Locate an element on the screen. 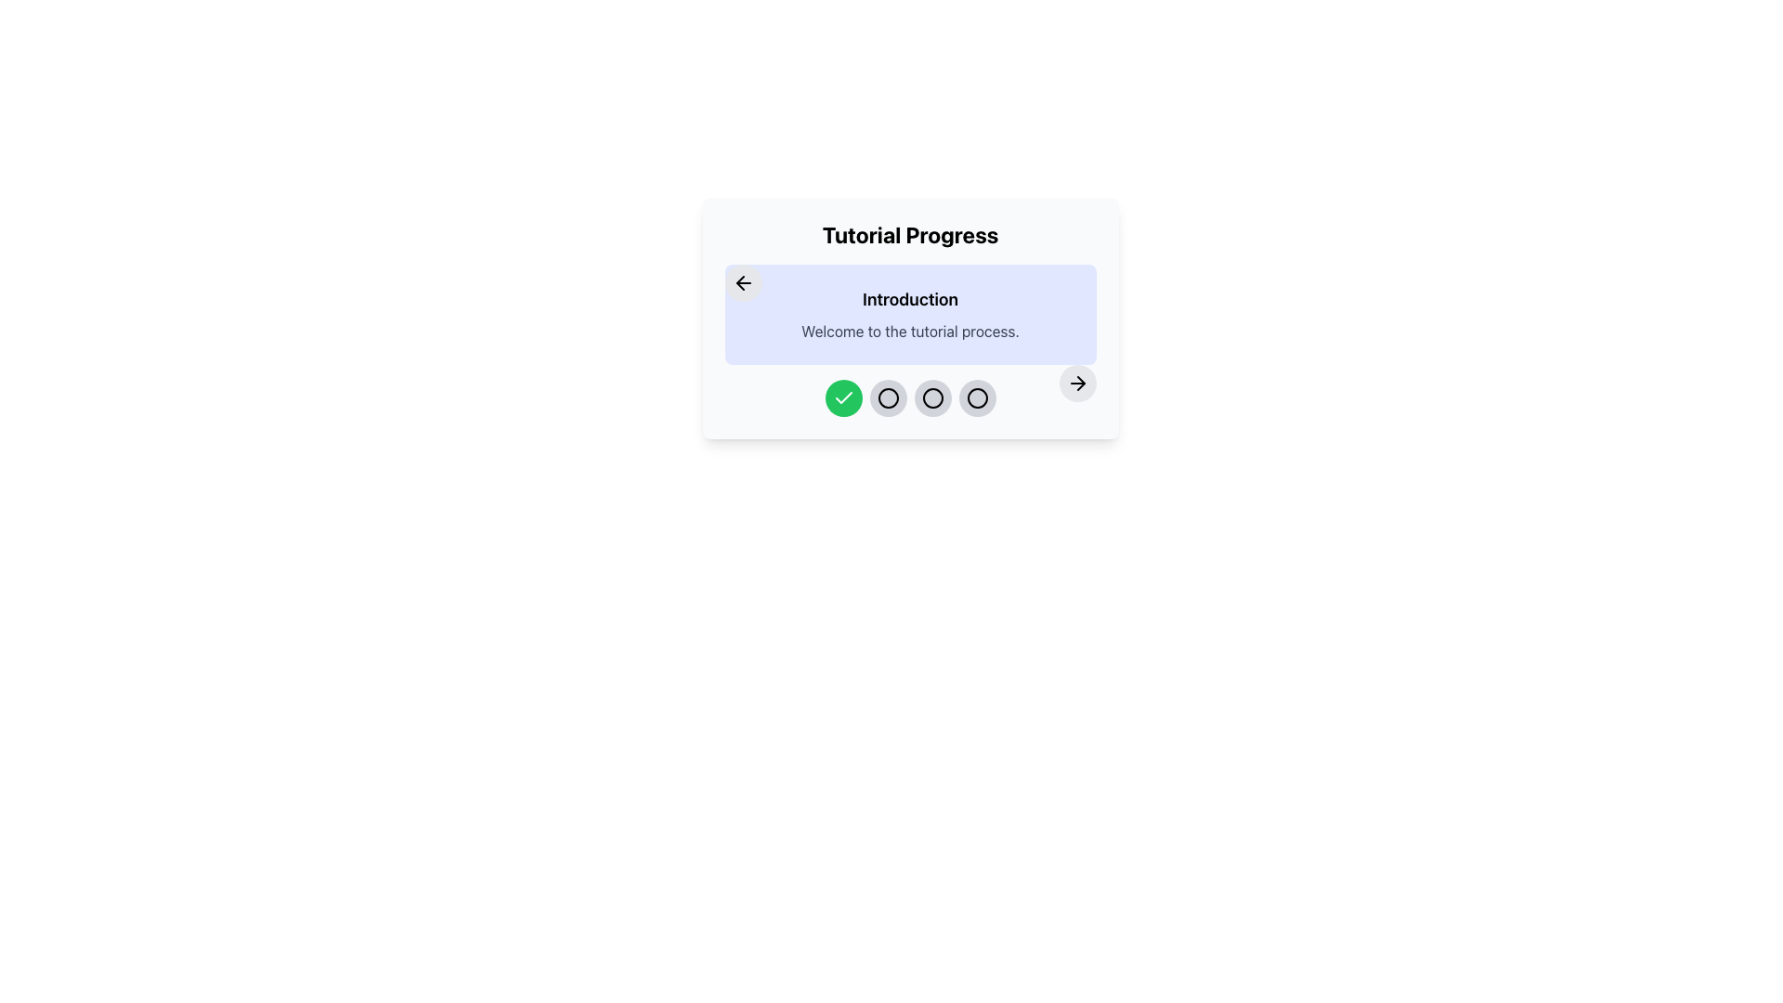 The image size is (1783, 1003). the first circular bright green button with a white checkmark icon located in the lower central part of the interface is located at coordinates (842, 397).